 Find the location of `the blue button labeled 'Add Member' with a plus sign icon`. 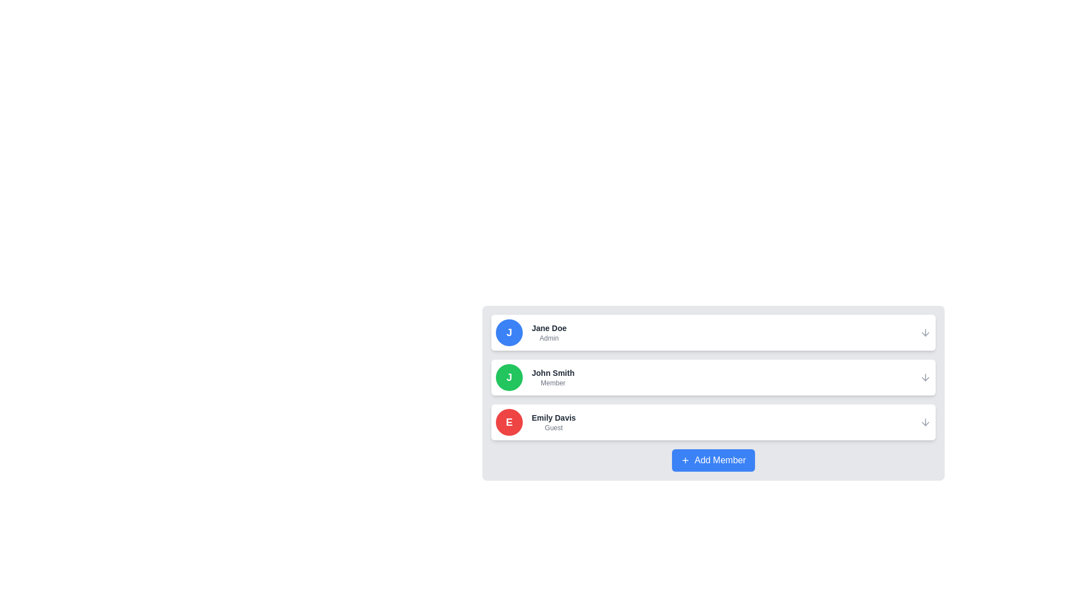

the blue button labeled 'Add Member' with a plus sign icon is located at coordinates (713, 460).